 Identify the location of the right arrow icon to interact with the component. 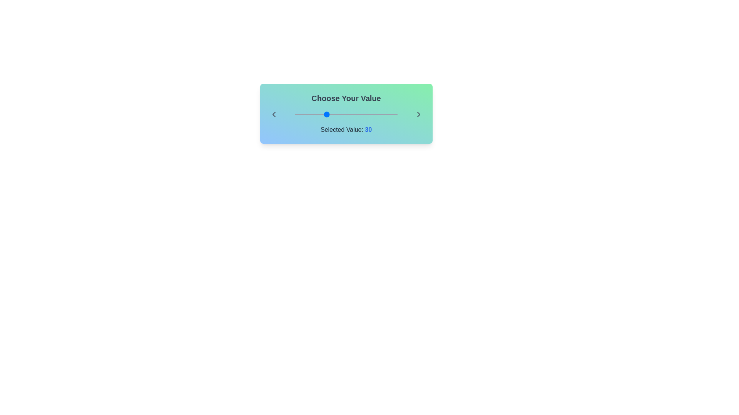
(418, 114).